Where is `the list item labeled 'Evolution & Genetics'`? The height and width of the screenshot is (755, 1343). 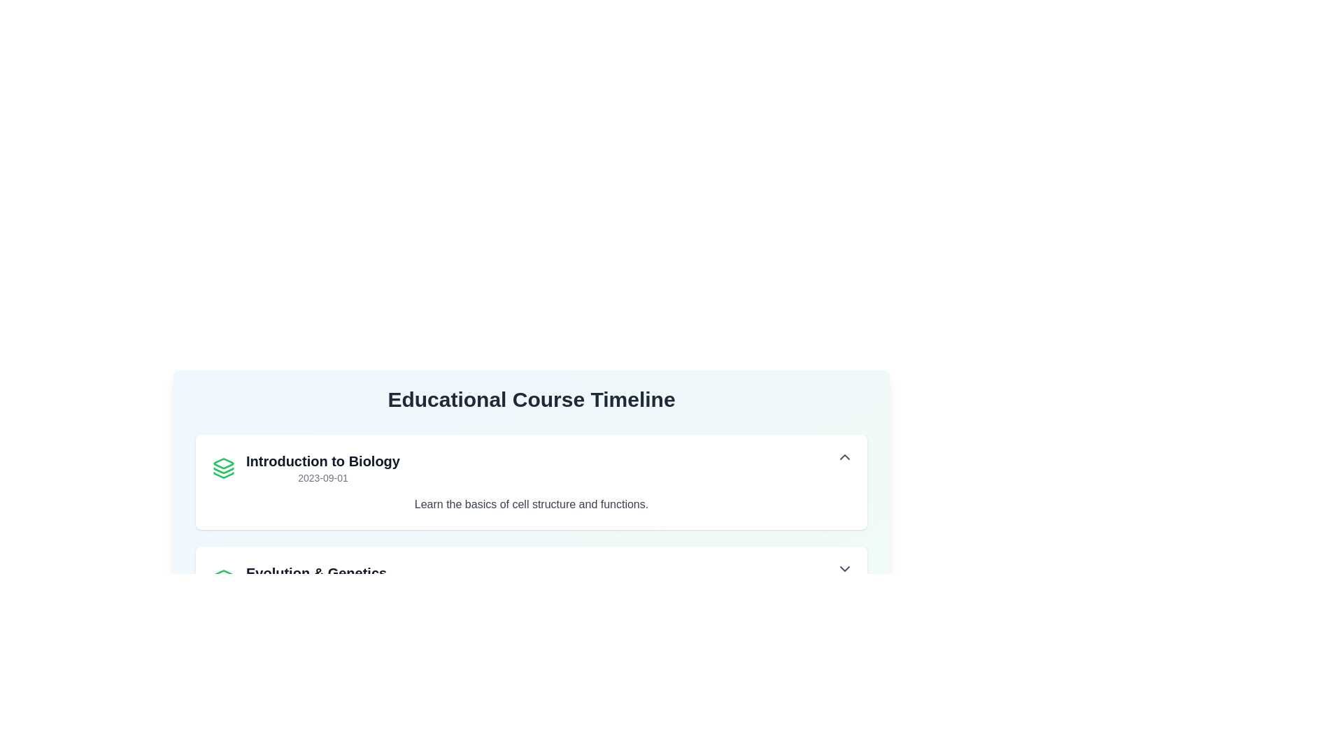
the list item labeled 'Evolution & Genetics' is located at coordinates (299, 580).